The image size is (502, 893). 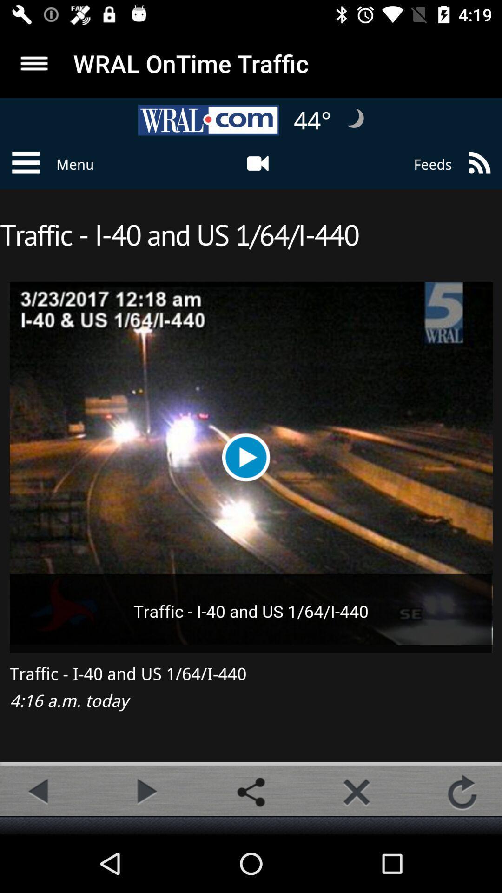 I want to click on previous, so click(x=39, y=792).